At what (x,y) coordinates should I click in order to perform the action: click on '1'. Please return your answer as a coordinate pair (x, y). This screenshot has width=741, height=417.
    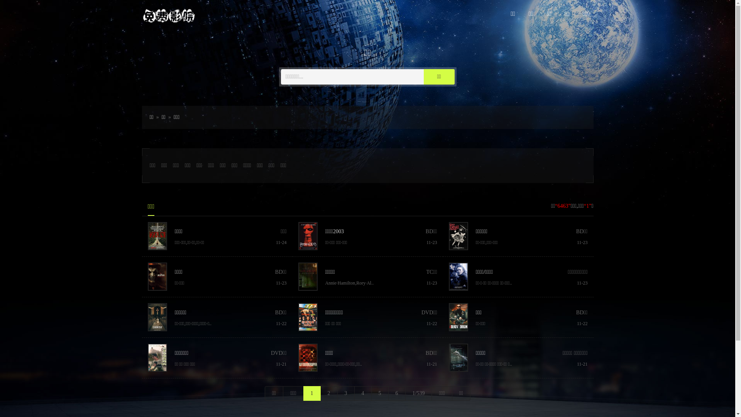
    Looking at the image, I should click on (312, 393).